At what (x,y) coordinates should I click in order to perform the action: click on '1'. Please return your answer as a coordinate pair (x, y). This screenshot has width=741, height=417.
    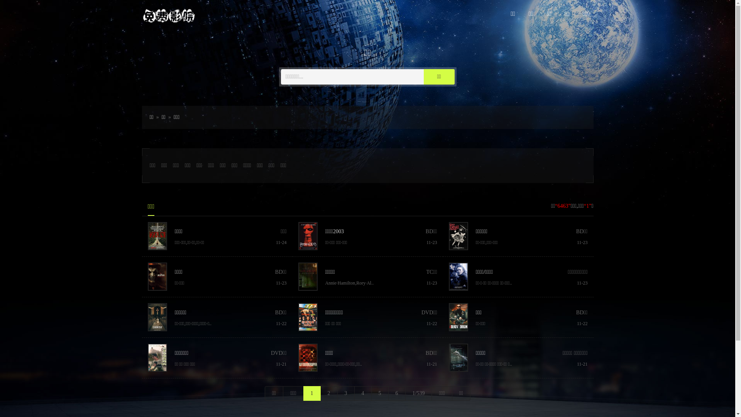
    Looking at the image, I should click on (312, 393).